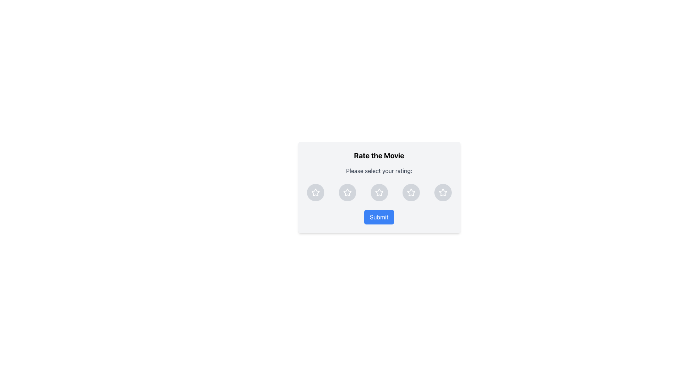 The image size is (695, 391). I want to click on the third star-shaped icon outlined in white, which is centered within a gray circular background, so click(379, 192).